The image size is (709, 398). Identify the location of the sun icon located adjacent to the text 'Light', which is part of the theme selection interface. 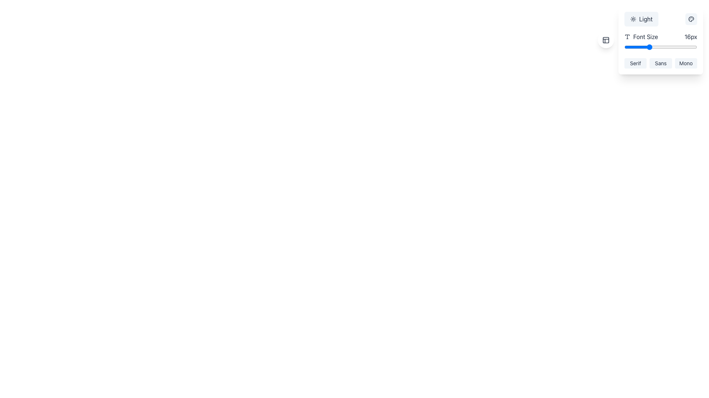
(633, 18).